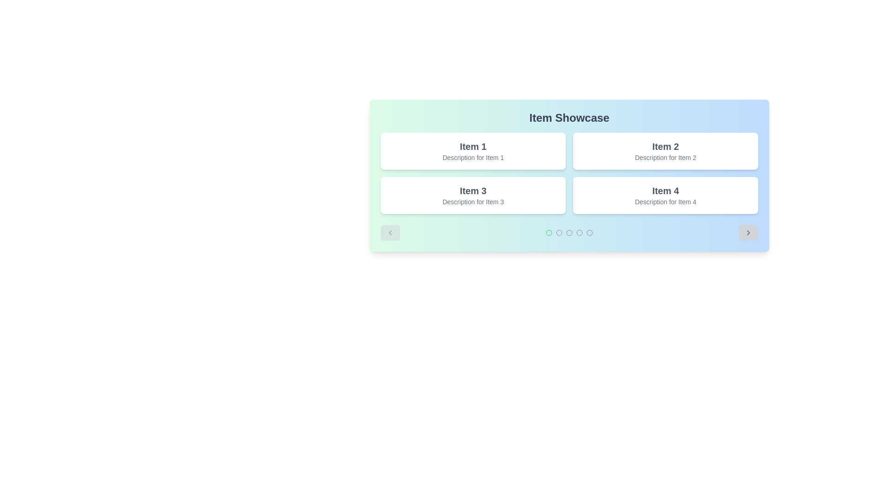 The width and height of the screenshot is (886, 498). I want to click on the chevron icon located in the bottom-right corner of the 'Item Showcase' section, so click(748, 232).